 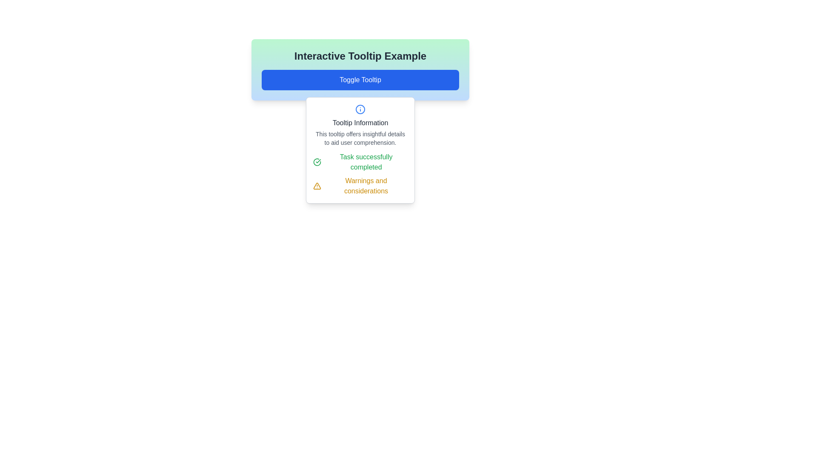 What do you see at coordinates (360, 138) in the screenshot?
I see `the descriptive text label located below the 'Tooltip Information' heading within the tooltip box` at bounding box center [360, 138].